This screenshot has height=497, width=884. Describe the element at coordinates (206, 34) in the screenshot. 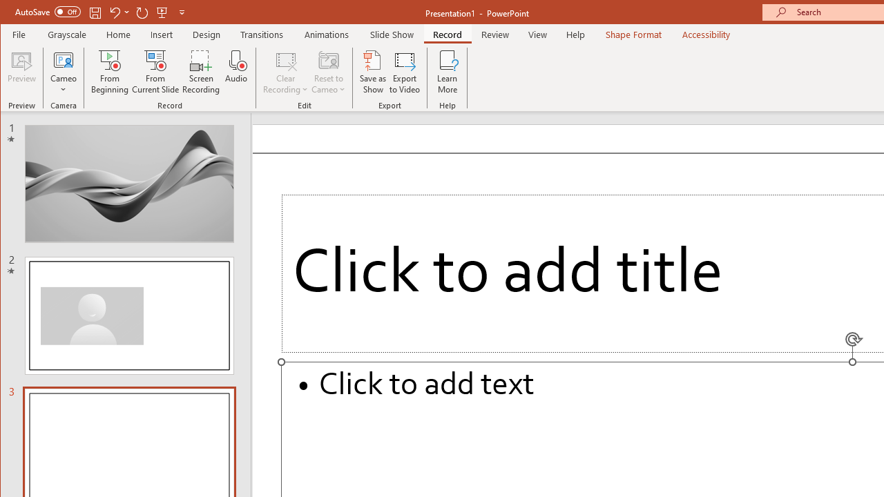

I see `'Design'` at that location.